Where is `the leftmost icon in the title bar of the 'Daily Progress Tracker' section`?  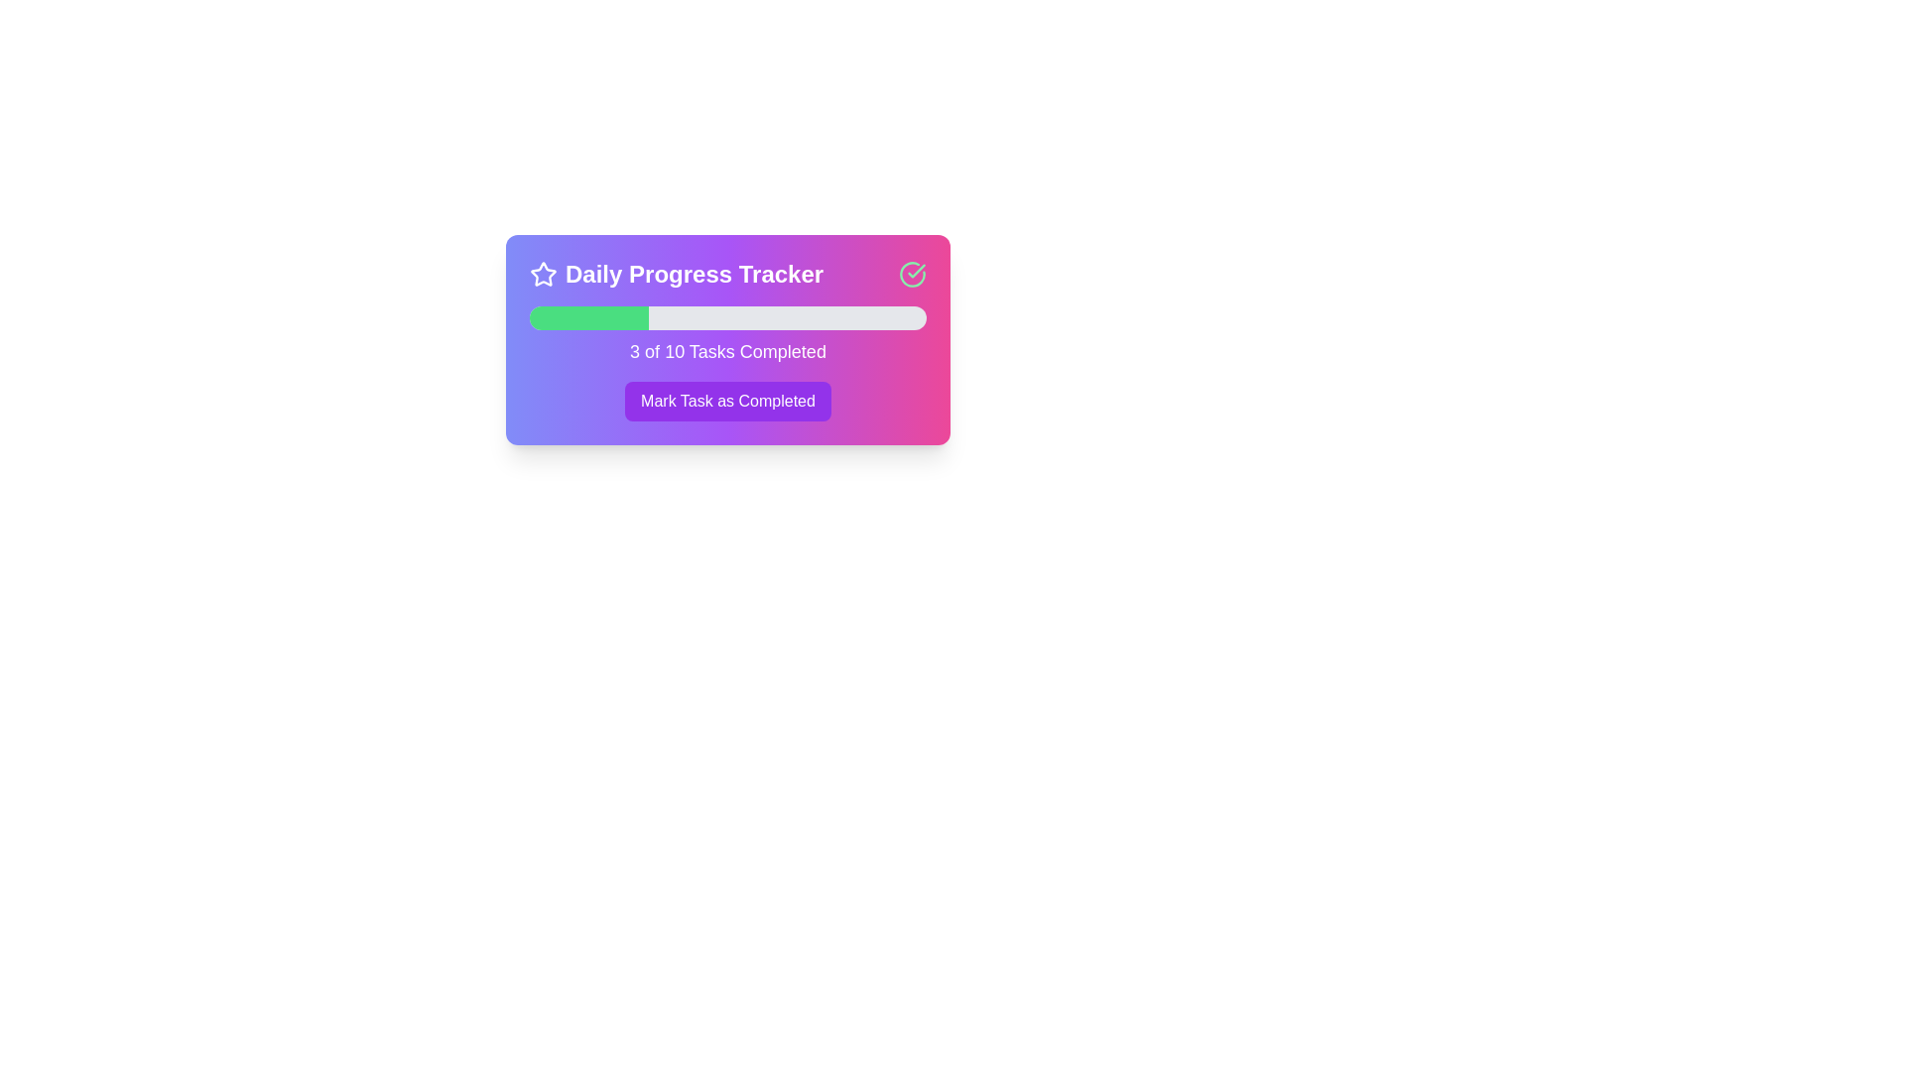 the leftmost icon in the title bar of the 'Daily Progress Tracker' section is located at coordinates (543, 275).